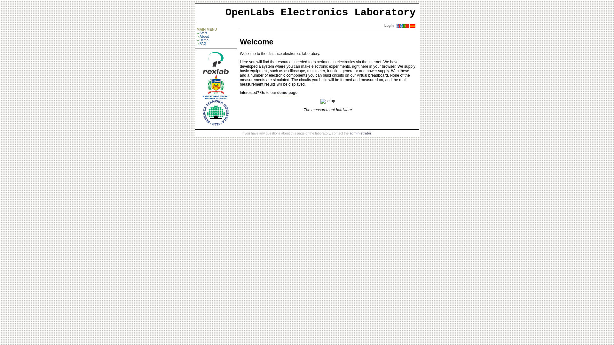 The height and width of the screenshot is (345, 614). What do you see at coordinates (389, 25) in the screenshot?
I see `'Login'` at bounding box center [389, 25].